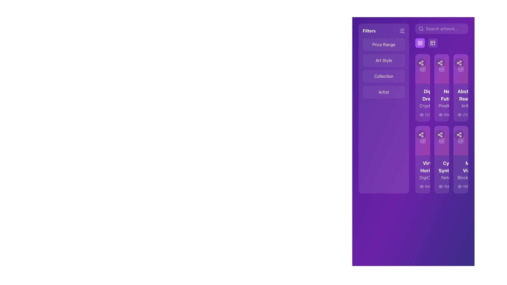 Image resolution: width=507 pixels, height=285 pixels. Describe the element at coordinates (442, 140) in the screenshot. I see `the grid view icon located in the second card of the second row, which is directly under the 'Abstract Realism' card` at that location.